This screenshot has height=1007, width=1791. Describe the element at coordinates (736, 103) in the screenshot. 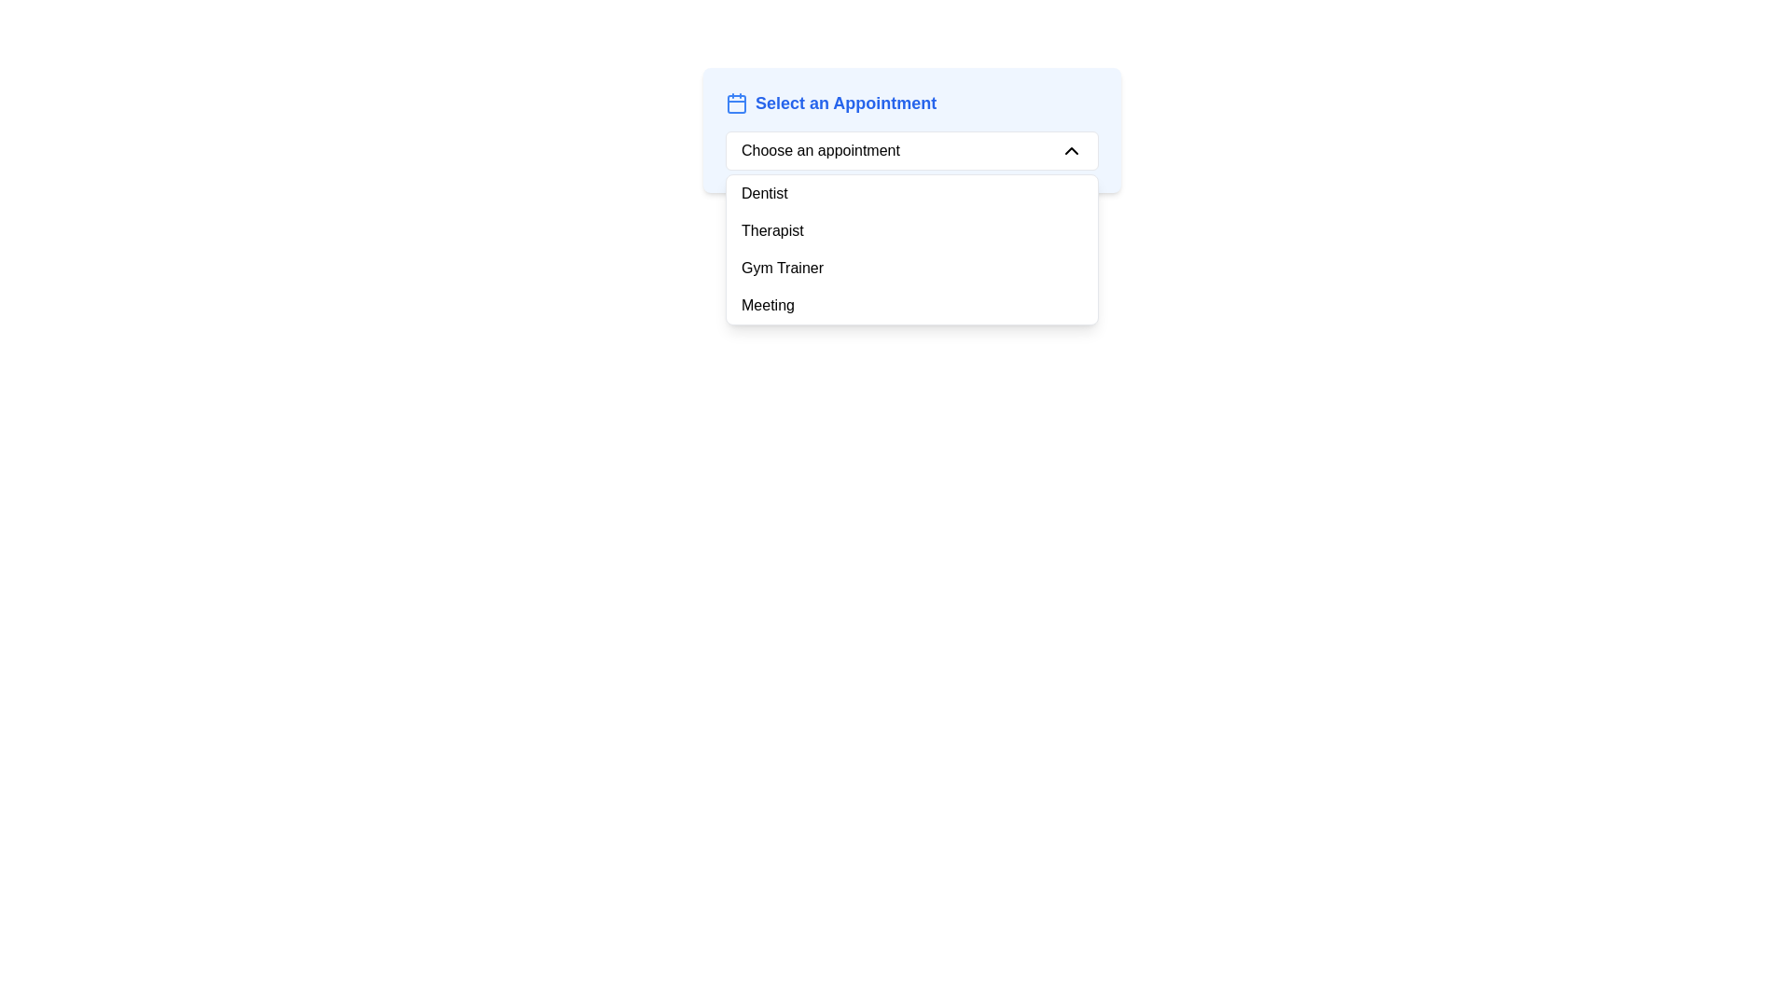

I see `the blue calendar icon that is positioned to the left of the text 'Select an Appointment'` at that location.